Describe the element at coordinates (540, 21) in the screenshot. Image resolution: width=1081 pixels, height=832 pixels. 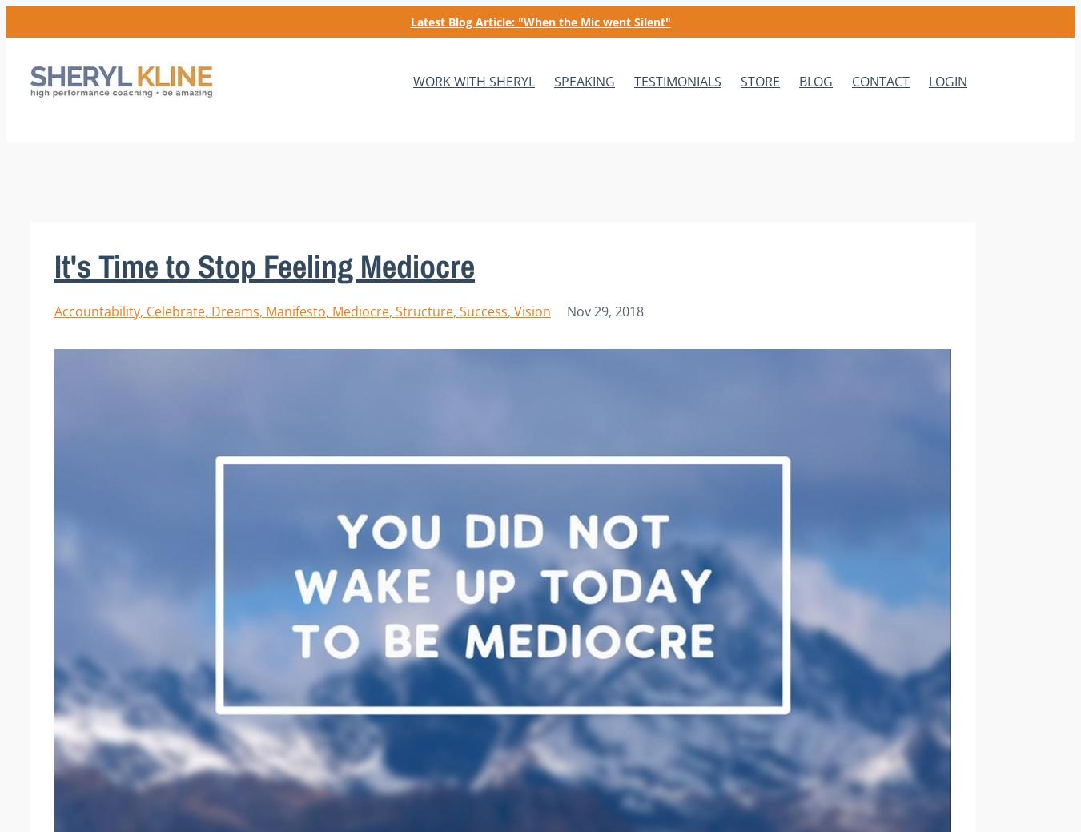
I see `'Latest Blog Article: "When the Mic went Silent"'` at that location.